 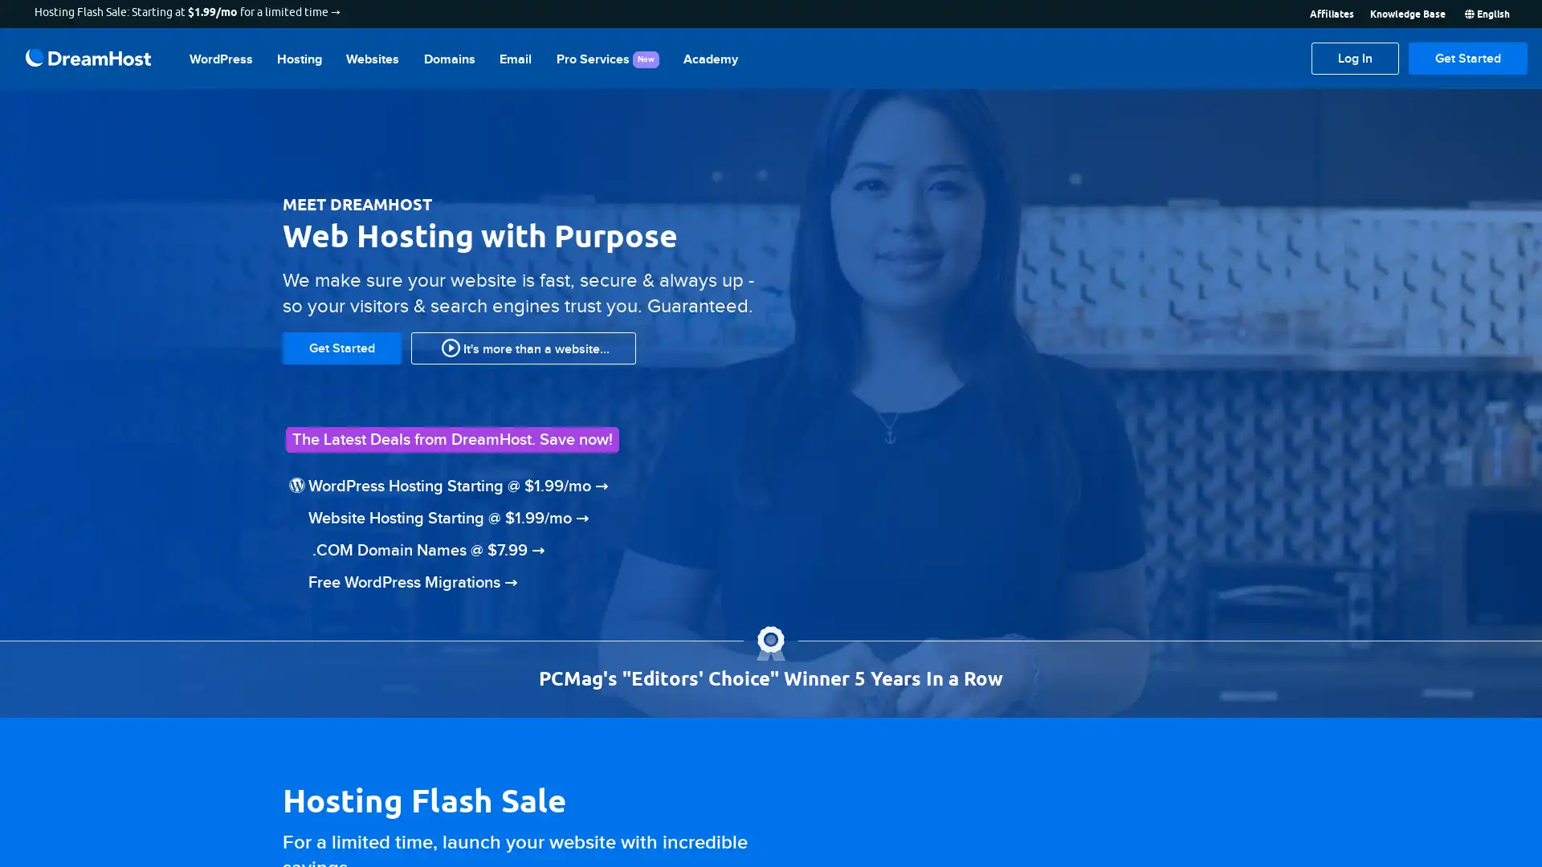 What do you see at coordinates (1468, 58) in the screenshot?
I see `Get Started` at bounding box center [1468, 58].